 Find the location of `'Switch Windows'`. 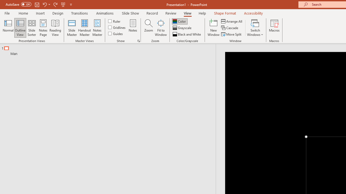

'Switch Windows' is located at coordinates (255, 28).